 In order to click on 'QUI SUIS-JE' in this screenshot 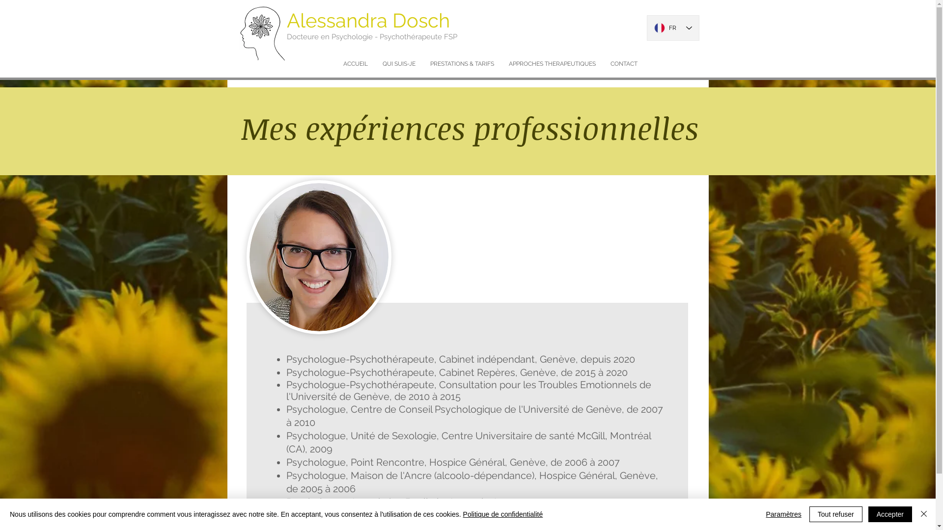, I will do `click(399, 64)`.